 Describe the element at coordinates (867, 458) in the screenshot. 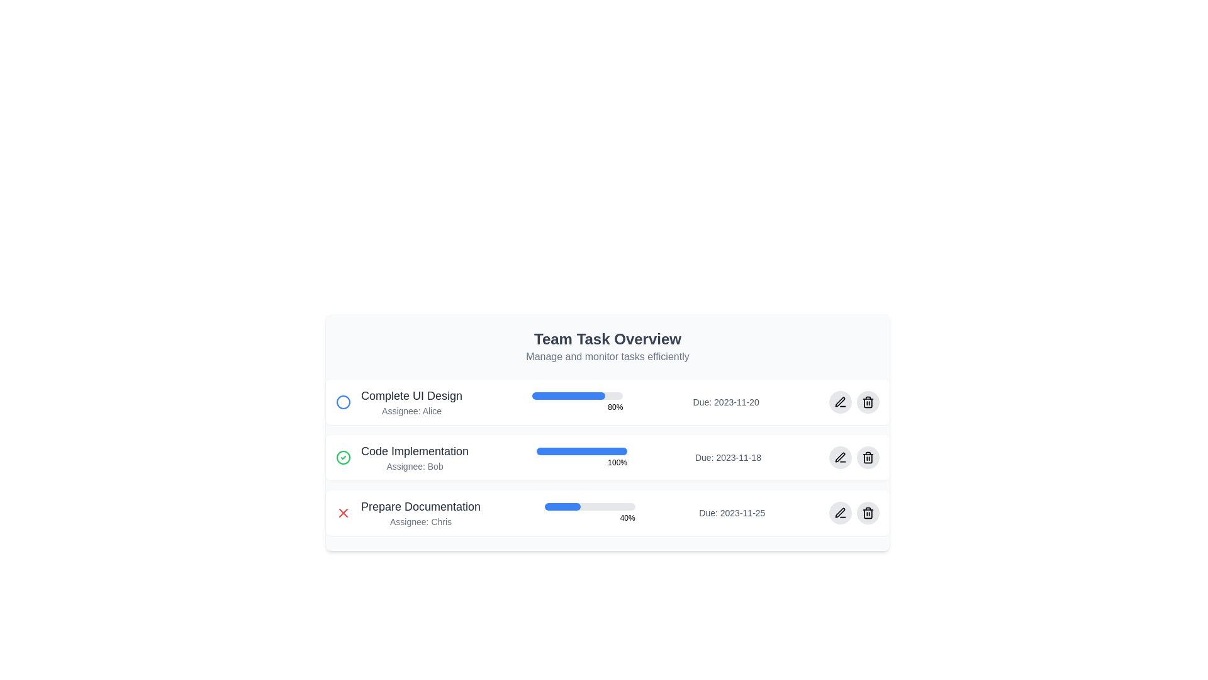

I see `the body of the trash icon associated with the 'Code Implementation' task, located to the far right of the task row and adjacent to the pencil icon` at that location.